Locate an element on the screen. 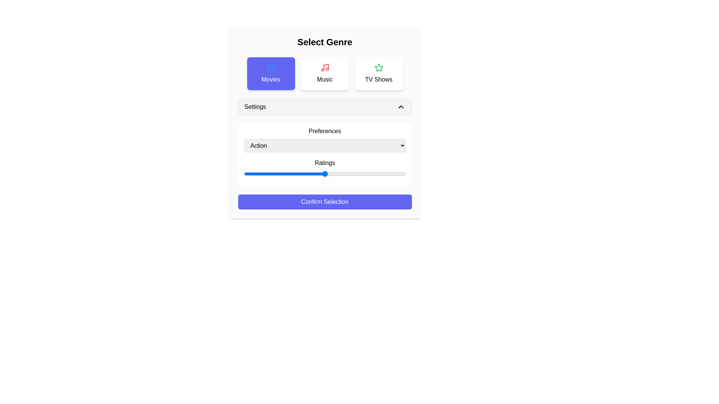 Image resolution: width=719 pixels, height=404 pixels. the star-shaped icon with a green outline located within the 'TV Shows' box is located at coordinates (379, 68).